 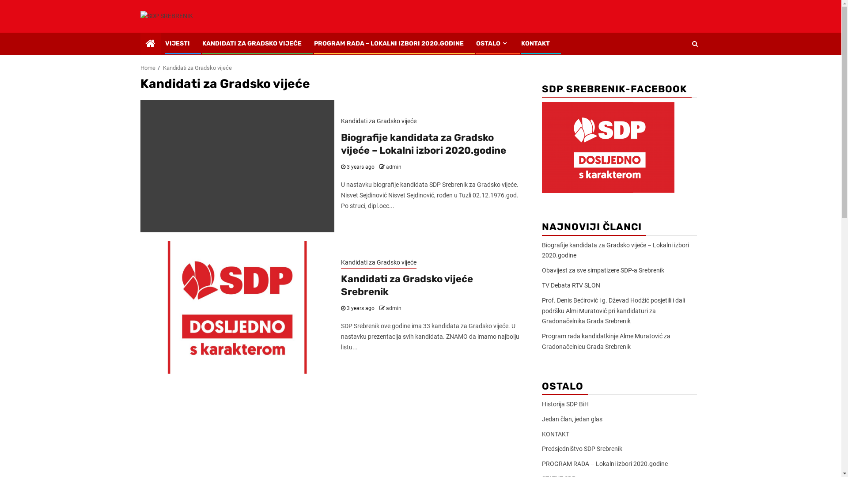 I want to click on 'TV Debata RTV SLON', so click(x=570, y=285).